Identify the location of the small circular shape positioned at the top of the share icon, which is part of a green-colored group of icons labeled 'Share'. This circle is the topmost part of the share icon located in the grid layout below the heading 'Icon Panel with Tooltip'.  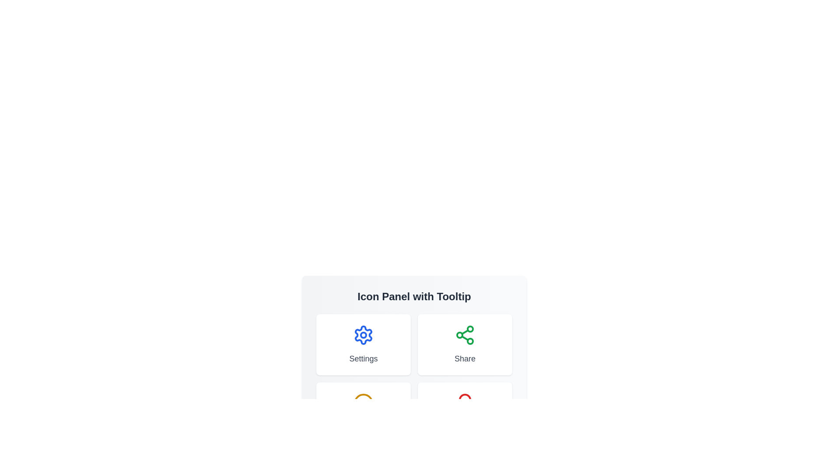
(470, 329).